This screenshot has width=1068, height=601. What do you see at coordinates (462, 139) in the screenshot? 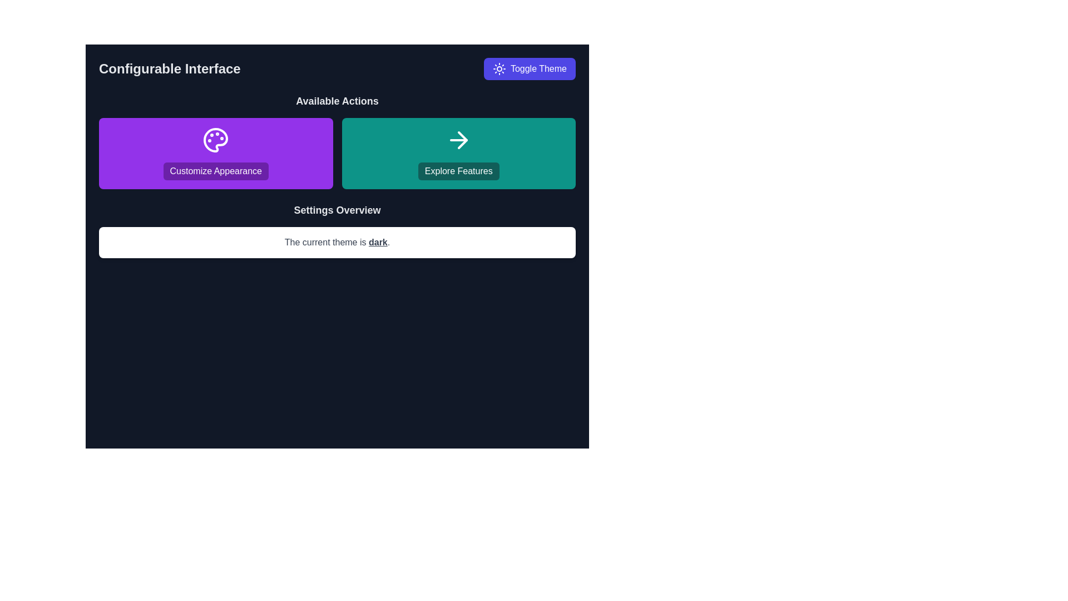
I see `the 'Explore Features' button which contains a right-pointing arrow icon, located in the 'Available Actions' section on the right side of the interface` at bounding box center [462, 139].